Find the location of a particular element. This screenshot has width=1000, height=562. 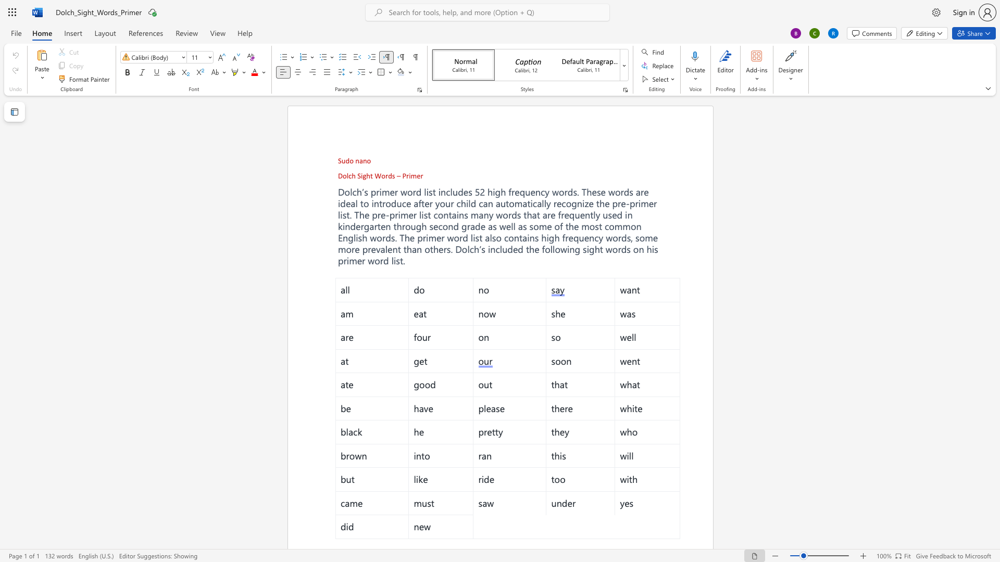

the subset text "rimer word l" within the text "high frequency words, some more prevalent than others. Dolch’s included the following sight words on his primer word list." is located at coordinates (343, 260).